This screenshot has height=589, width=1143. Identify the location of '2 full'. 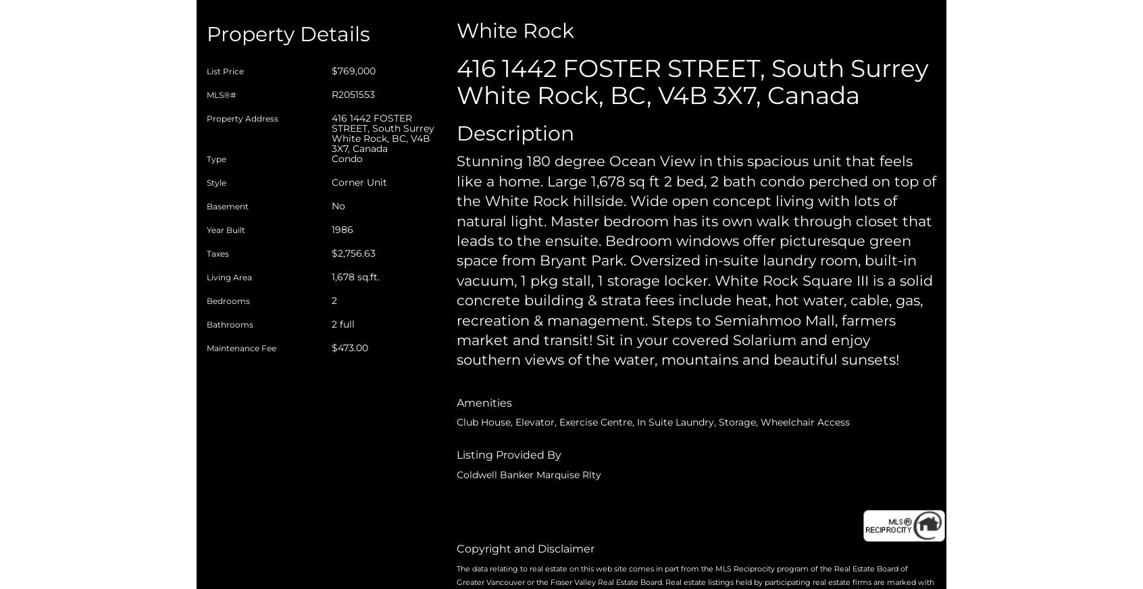
(342, 324).